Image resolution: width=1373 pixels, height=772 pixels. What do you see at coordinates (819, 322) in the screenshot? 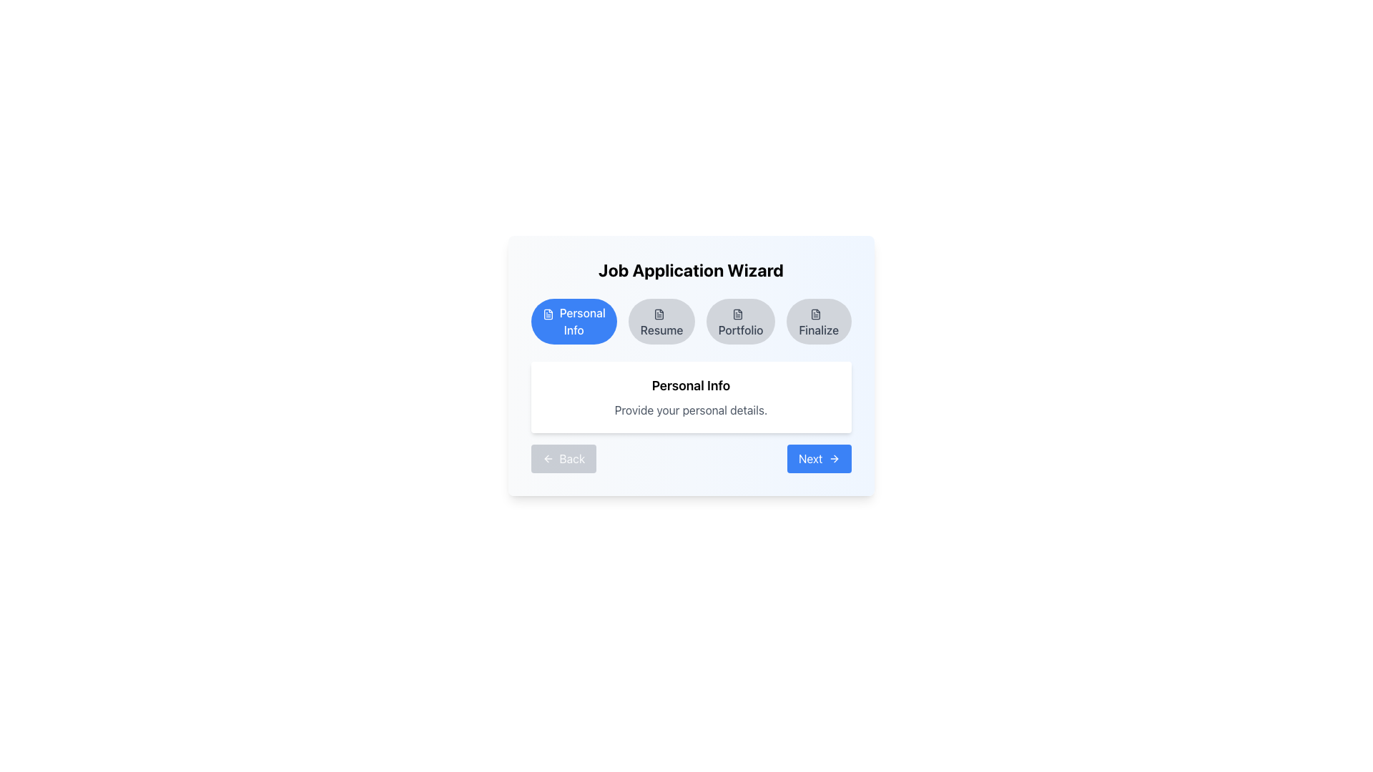
I see `the 'Finalize' button, which is a pill-shaped button with a light gray background and dark gray text, located as the fourth button from the left in the row of similar buttons` at bounding box center [819, 322].